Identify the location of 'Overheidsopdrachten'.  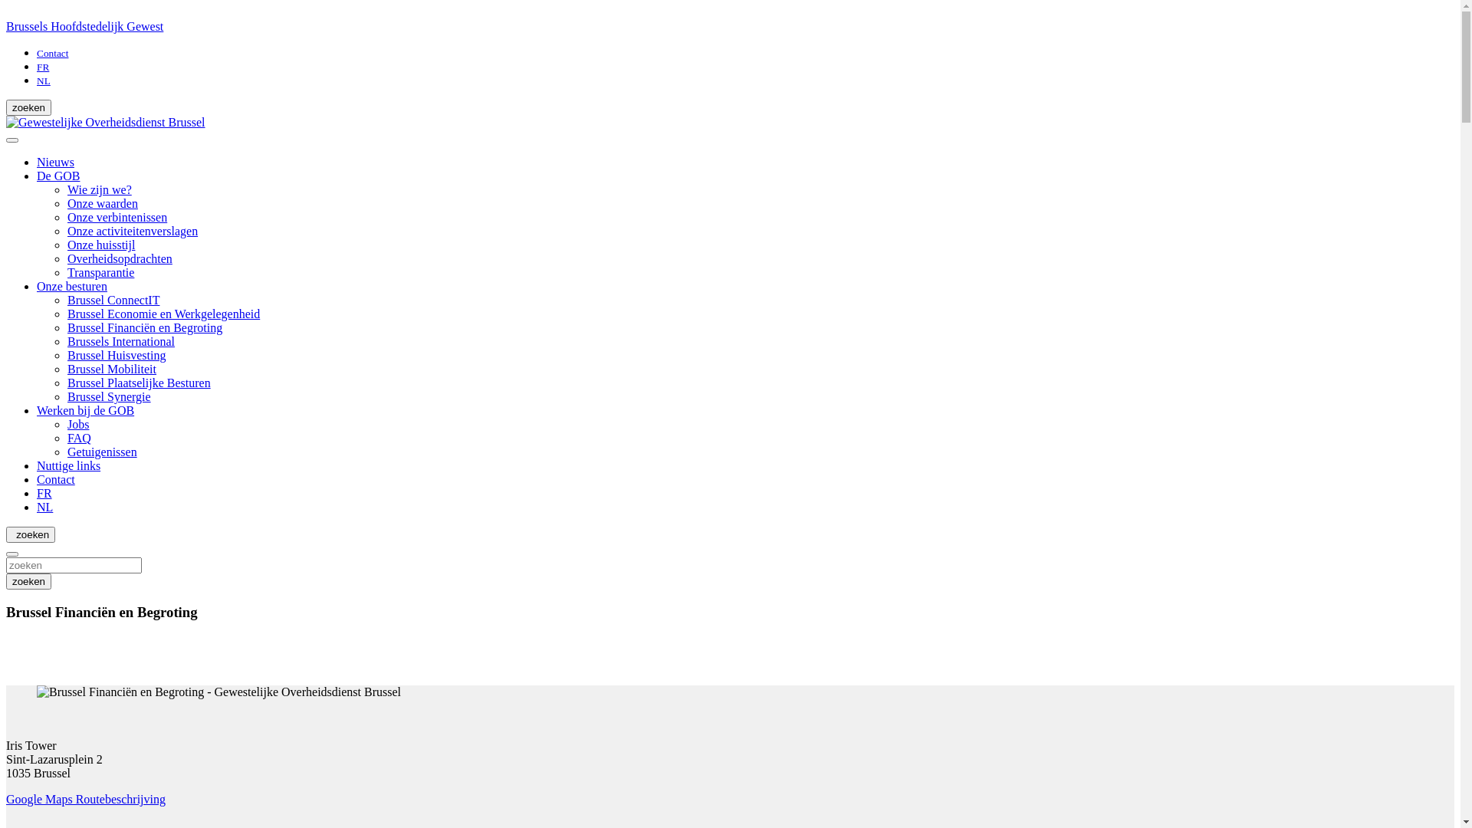
(119, 258).